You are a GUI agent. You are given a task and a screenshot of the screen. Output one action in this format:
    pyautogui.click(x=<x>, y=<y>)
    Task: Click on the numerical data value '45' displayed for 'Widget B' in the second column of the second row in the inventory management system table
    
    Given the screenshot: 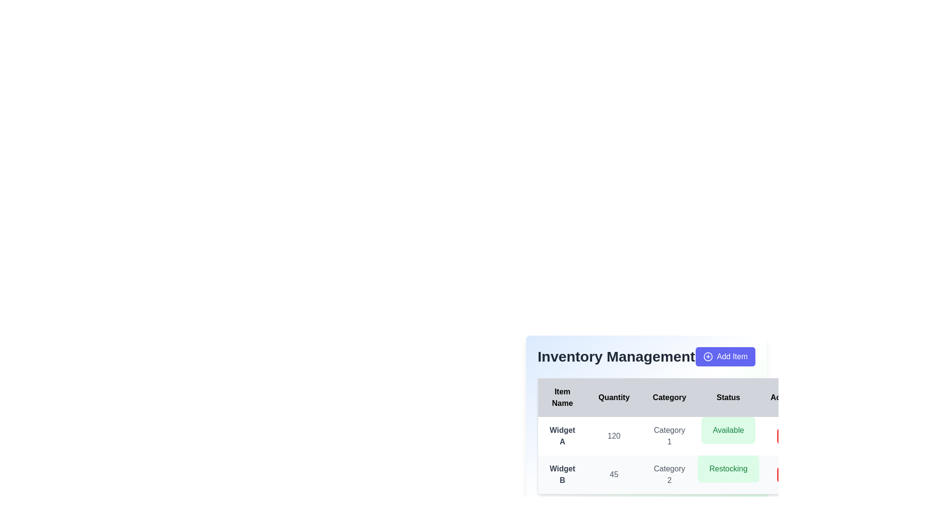 What is the action you would take?
    pyautogui.click(x=613, y=474)
    